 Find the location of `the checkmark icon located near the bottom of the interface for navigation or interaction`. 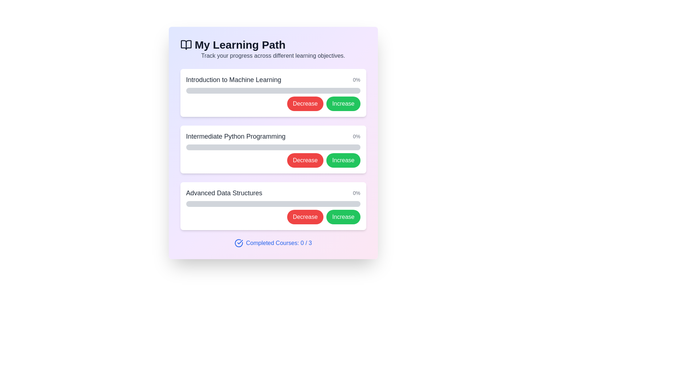

the checkmark icon located near the bottom of the interface for navigation or interaction is located at coordinates (240, 242).